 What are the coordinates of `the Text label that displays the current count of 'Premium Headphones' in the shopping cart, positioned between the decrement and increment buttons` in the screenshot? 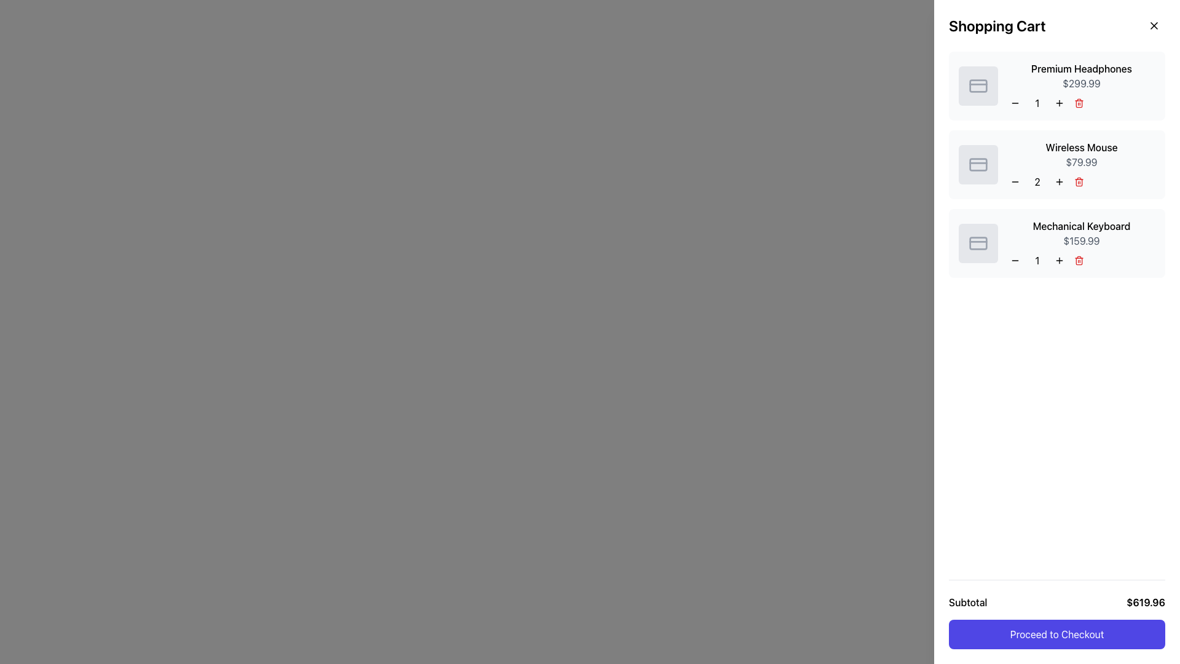 It's located at (1037, 103).